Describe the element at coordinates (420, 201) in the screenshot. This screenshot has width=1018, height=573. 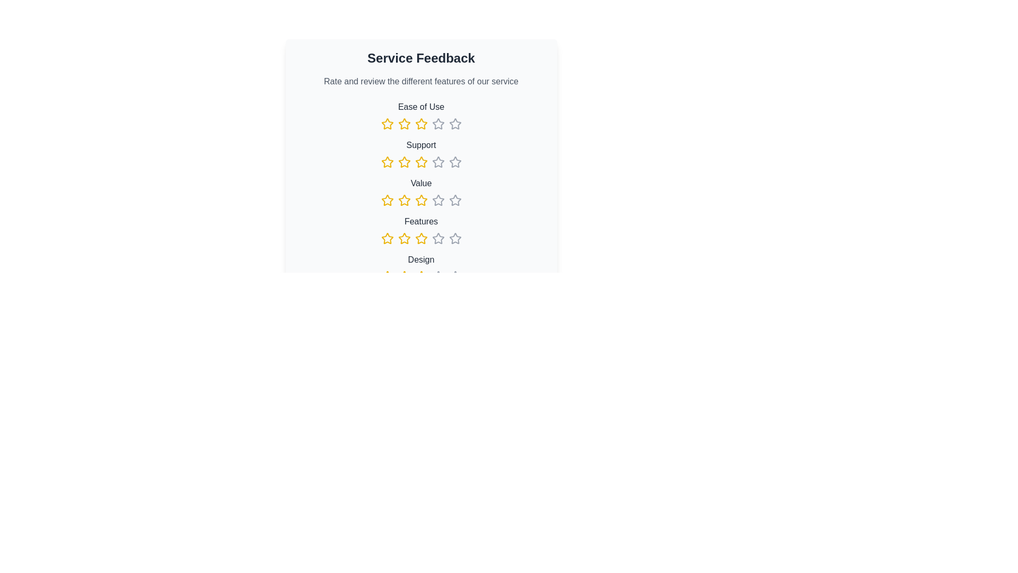
I see `the fourth star-shaped rating icon with a yellow outline in the 'Value' rating category to rate it` at that location.